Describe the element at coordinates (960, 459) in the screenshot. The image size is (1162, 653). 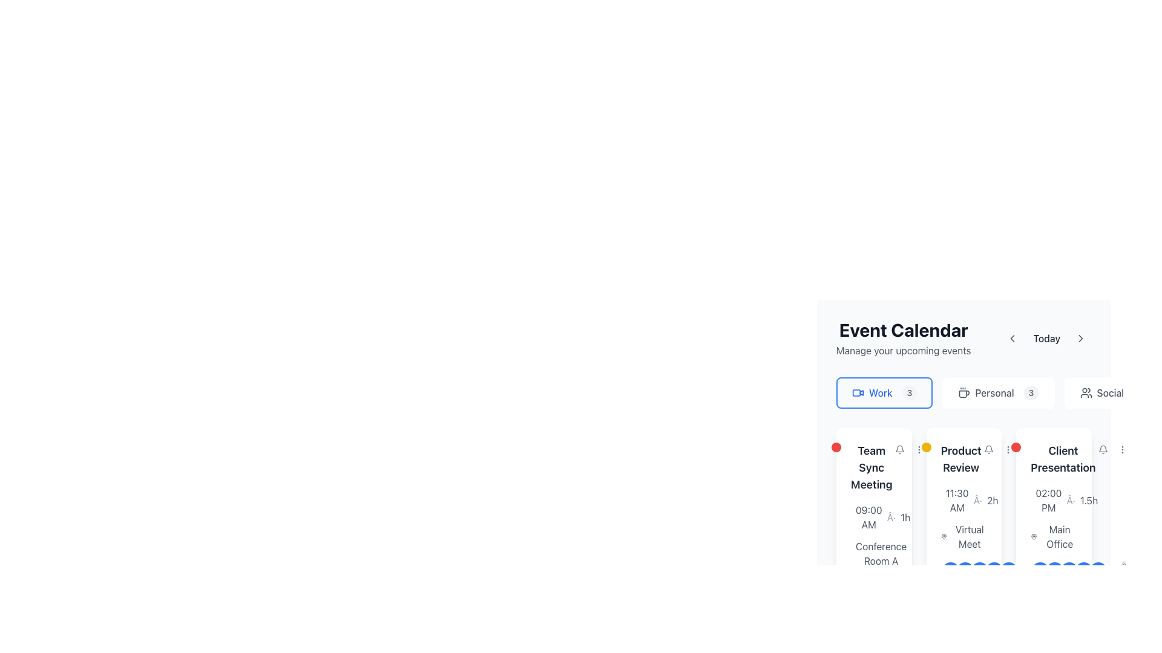
I see `the 'Product Review' text label located at the top center of the event card in the 'Event Calendar' section` at that location.